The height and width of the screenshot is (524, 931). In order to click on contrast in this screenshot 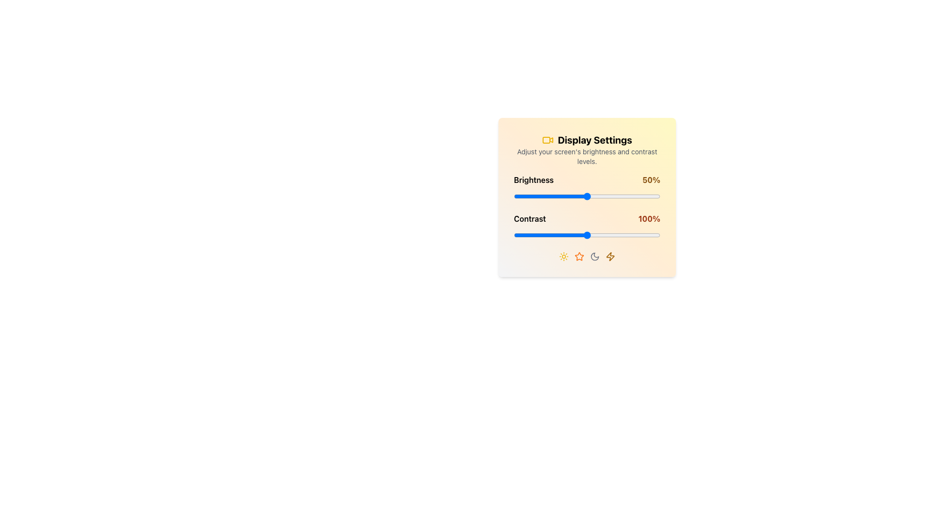, I will do `click(626, 235)`.